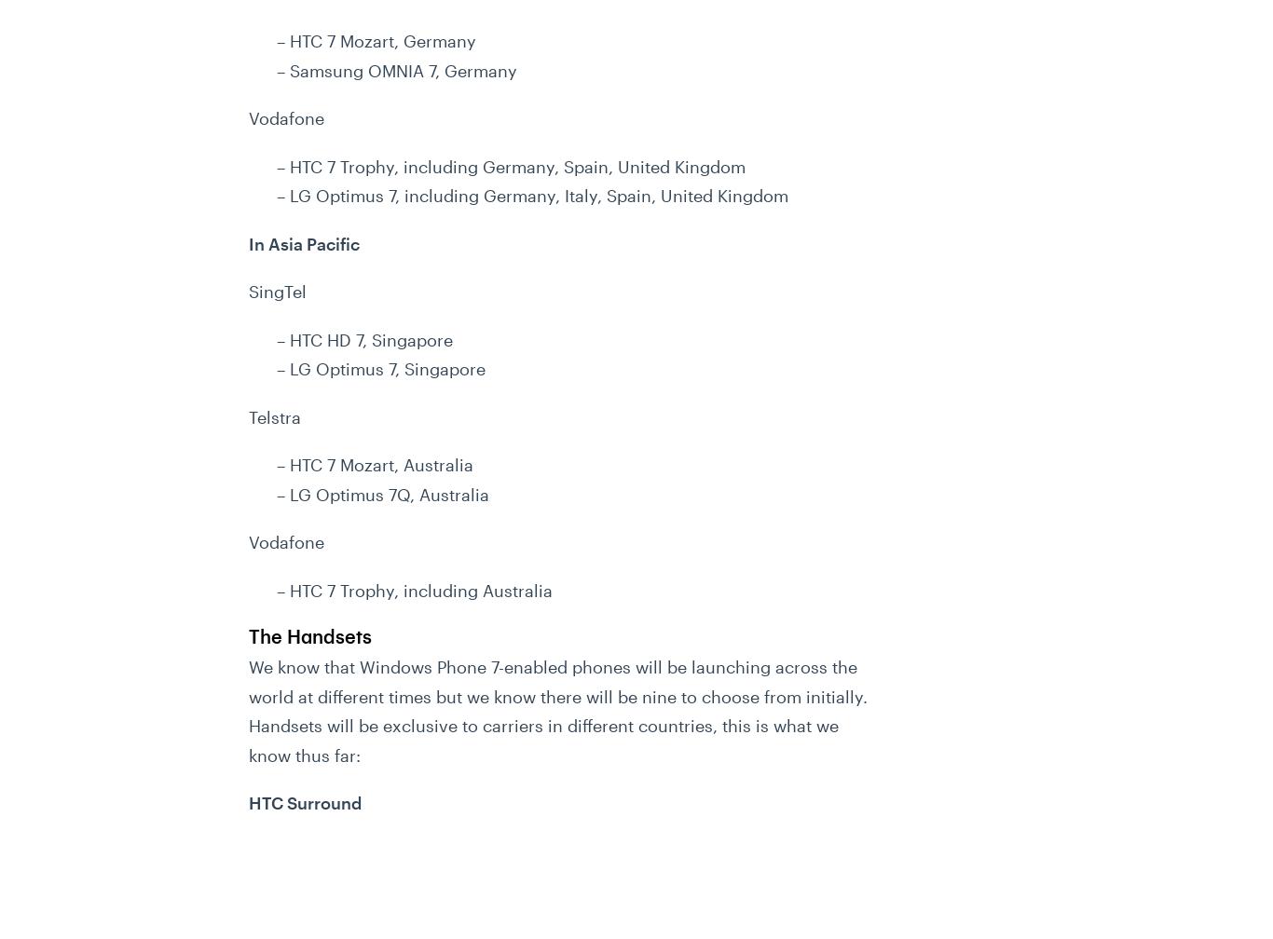 Image resolution: width=1273 pixels, height=939 pixels. What do you see at coordinates (374, 464) in the screenshot?
I see `'– HTC 7 Mozart, Australia'` at bounding box center [374, 464].